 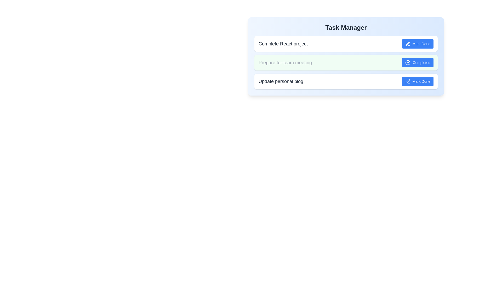 I want to click on the button labeled Completed to observe its visual change, so click(x=418, y=62).